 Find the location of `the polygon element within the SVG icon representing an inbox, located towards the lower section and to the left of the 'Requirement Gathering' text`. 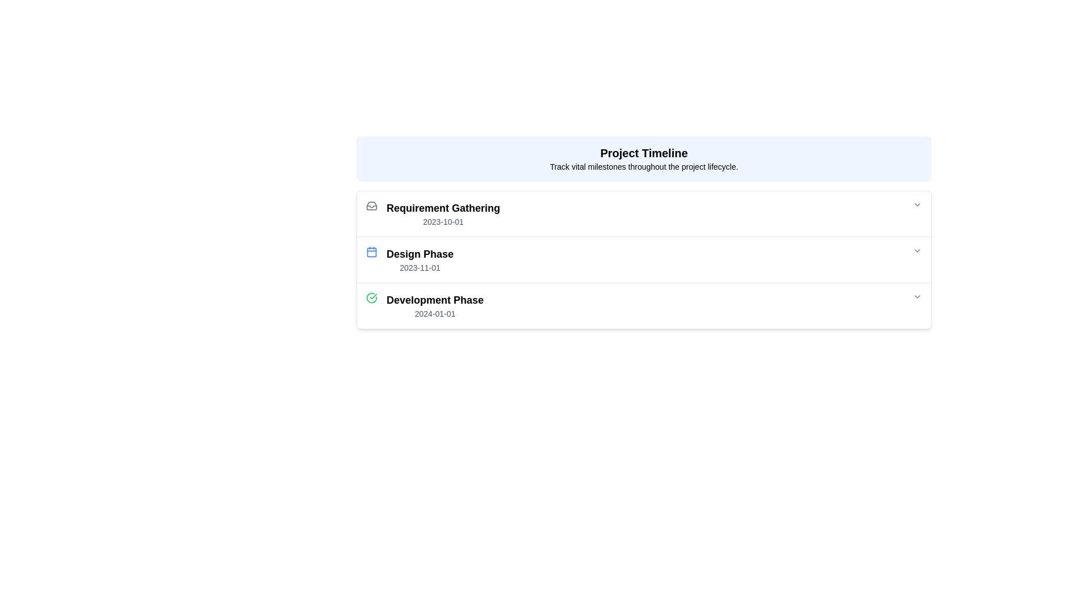

the polygon element within the SVG icon representing an inbox, located towards the lower section and to the left of the 'Requirement Gathering' text is located at coordinates (371, 206).